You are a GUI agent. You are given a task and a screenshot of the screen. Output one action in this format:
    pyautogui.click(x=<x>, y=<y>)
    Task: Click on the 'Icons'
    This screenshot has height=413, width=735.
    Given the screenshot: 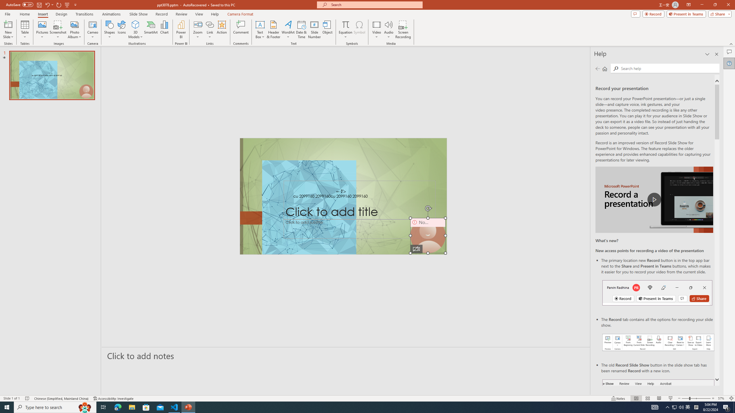 What is the action you would take?
    pyautogui.click(x=121, y=30)
    